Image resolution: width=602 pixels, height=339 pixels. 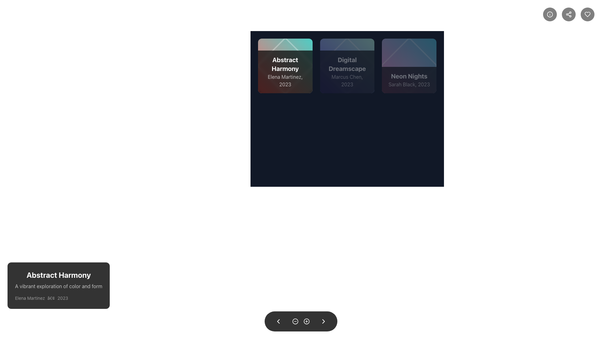 What do you see at coordinates (569, 14) in the screenshot?
I see `the circular share icon located at the top-right corner of the interface` at bounding box center [569, 14].